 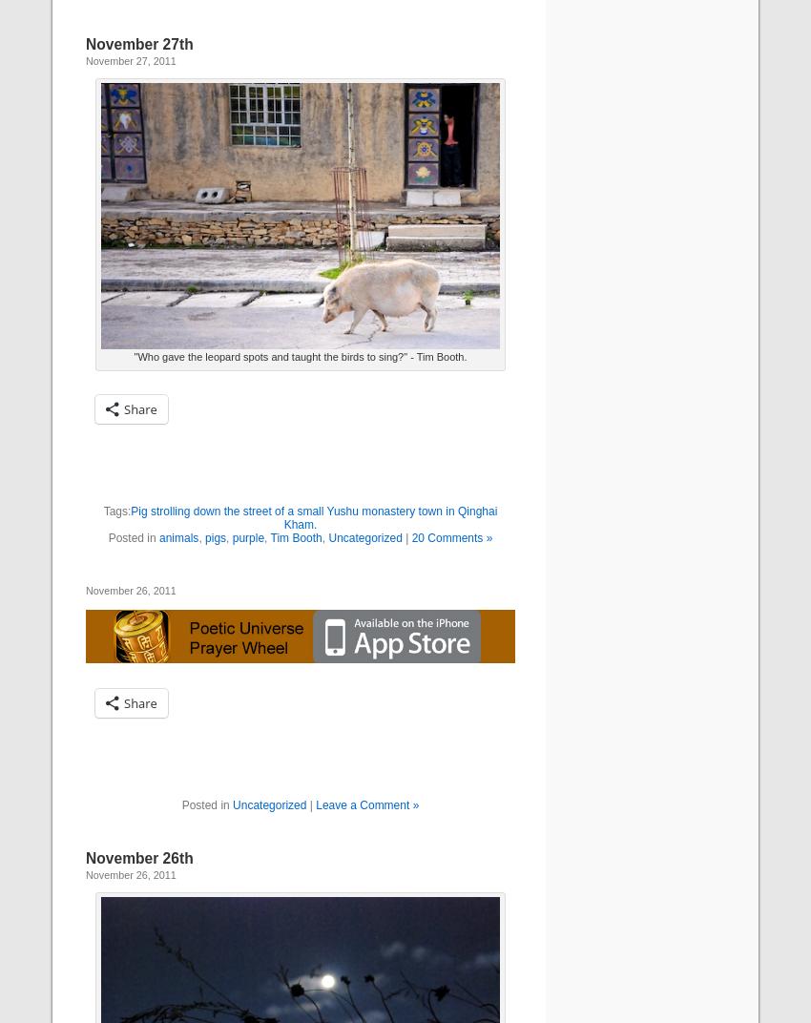 I want to click on 'November 27th', so click(x=139, y=42).